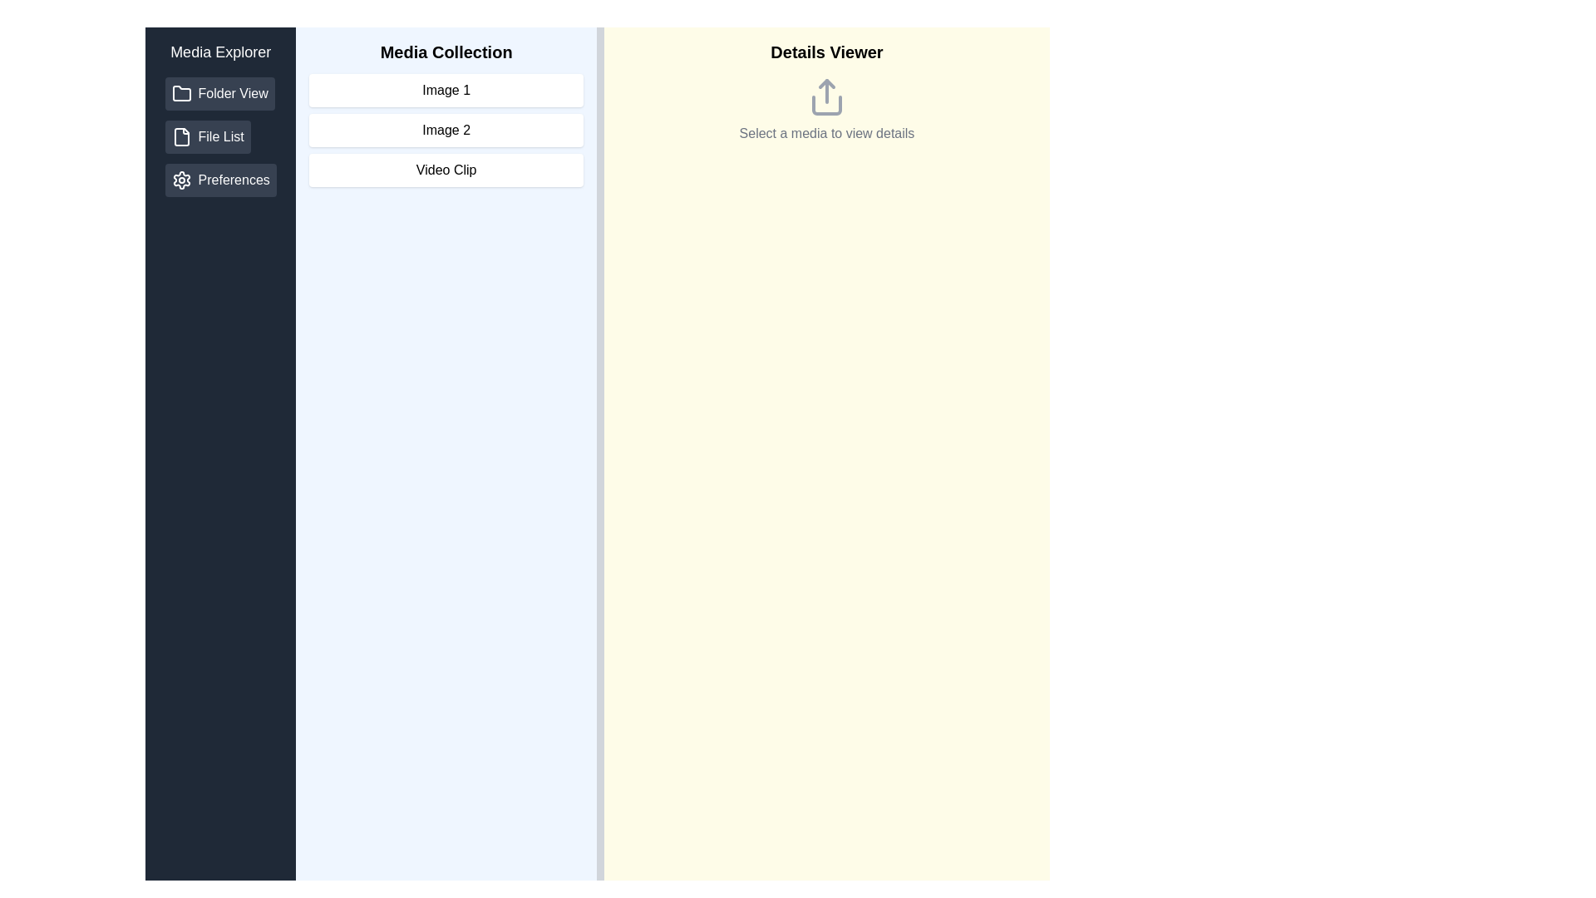 The height and width of the screenshot is (898, 1596). What do you see at coordinates (181, 180) in the screenshot?
I see `the gear icon for settings located in the left sidebar next to the 'Preferences' label` at bounding box center [181, 180].